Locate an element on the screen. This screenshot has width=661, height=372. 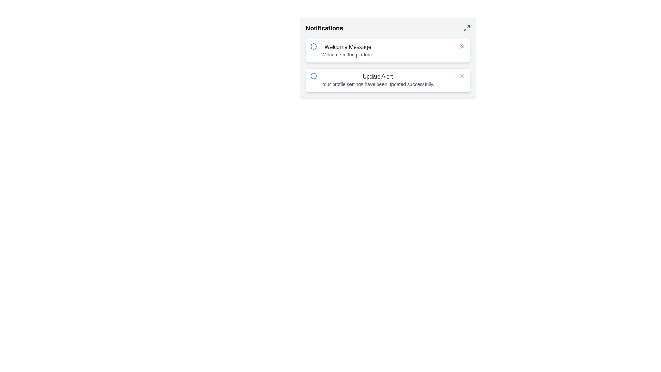
the badge icon that visually indicates the category or importance of the notification at the beginning of the 'Welcome Message' notification item is located at coordinates (313, 46).